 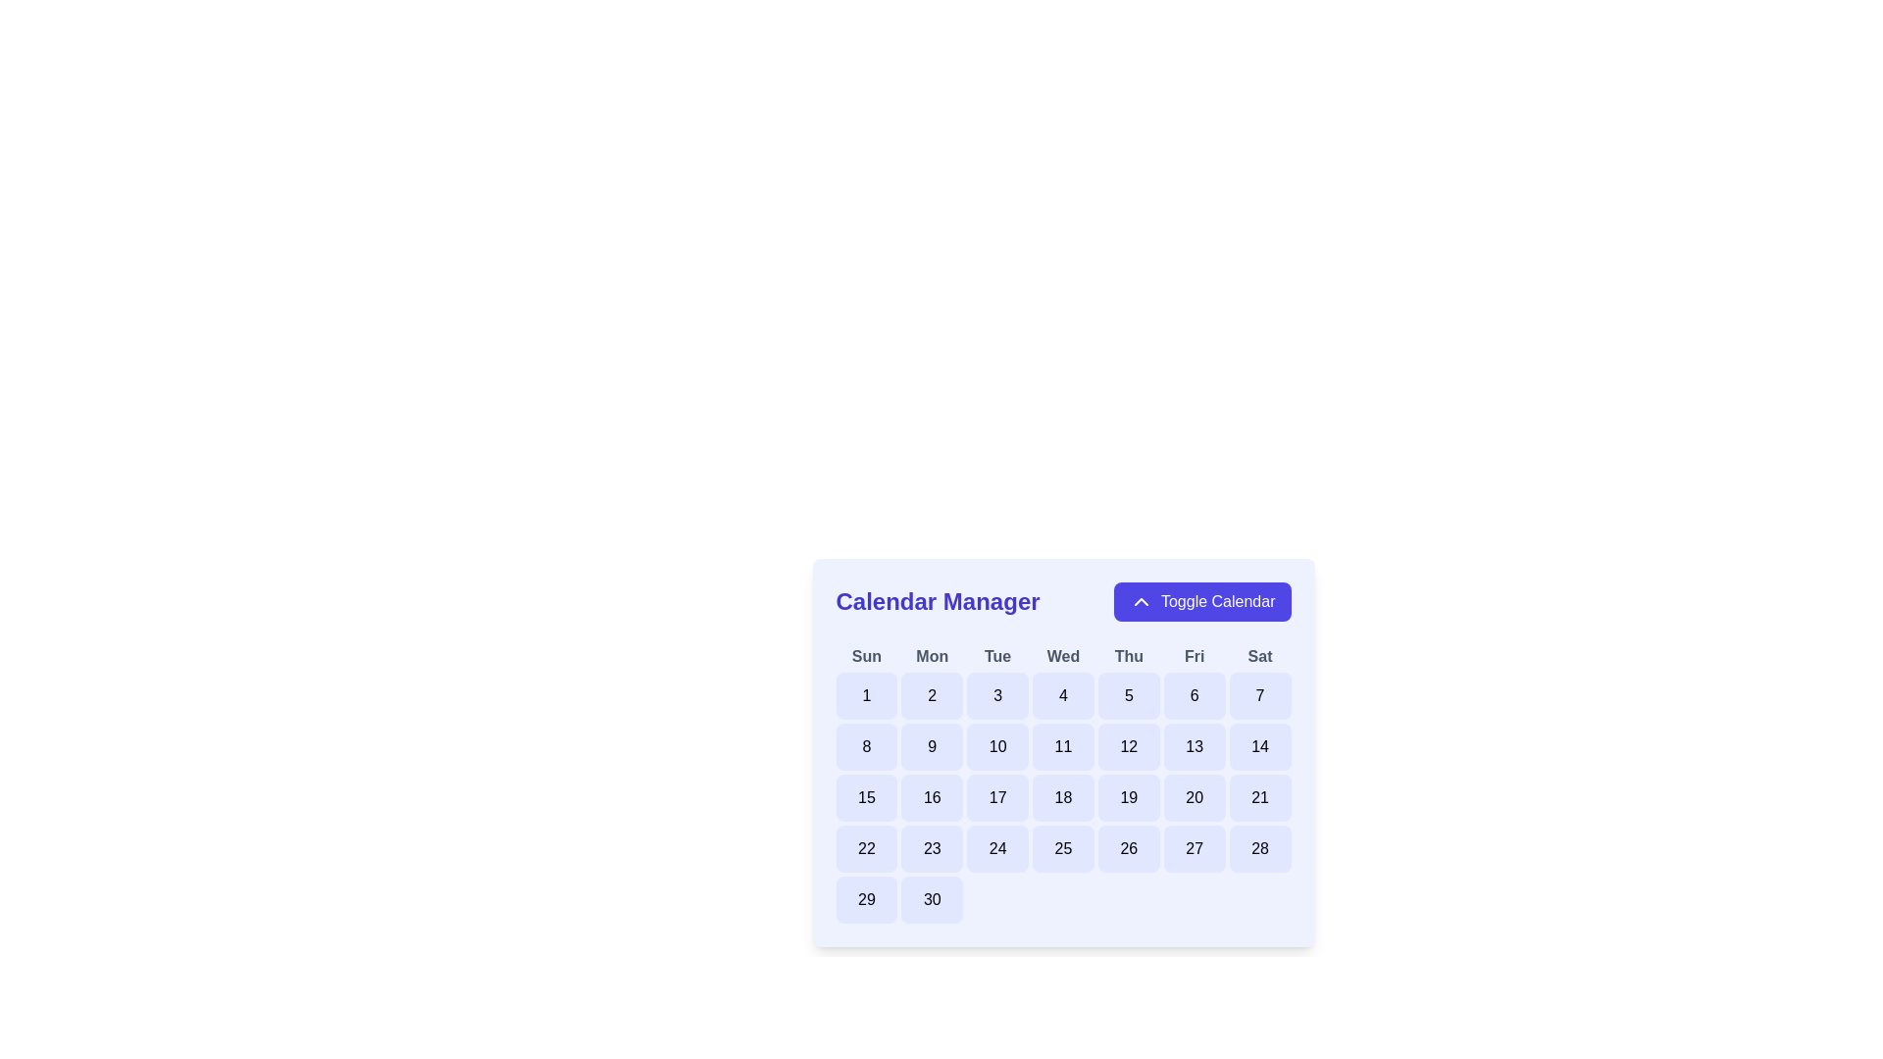 I want to click on the button representing the date 20th in the calendar, which is located in the sixth column of the fourth row under the 'Fri' header, so click(x=1194, y=797).